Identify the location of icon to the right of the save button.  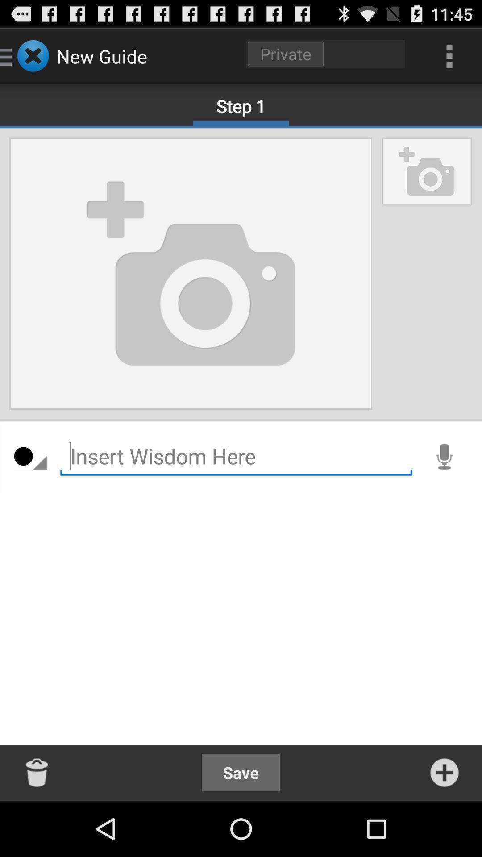
(444, 772).